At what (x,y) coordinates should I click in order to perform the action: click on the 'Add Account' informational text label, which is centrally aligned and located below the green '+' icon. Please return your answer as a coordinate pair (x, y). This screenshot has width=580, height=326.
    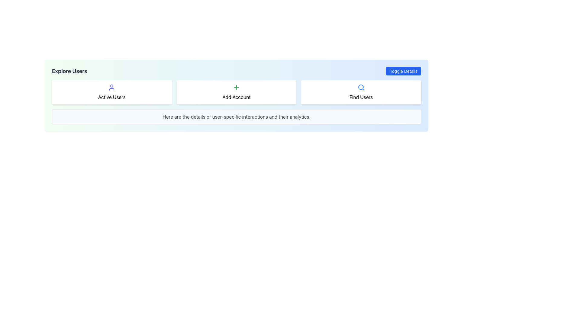
    Looking at the image, I should click on (236, 97).